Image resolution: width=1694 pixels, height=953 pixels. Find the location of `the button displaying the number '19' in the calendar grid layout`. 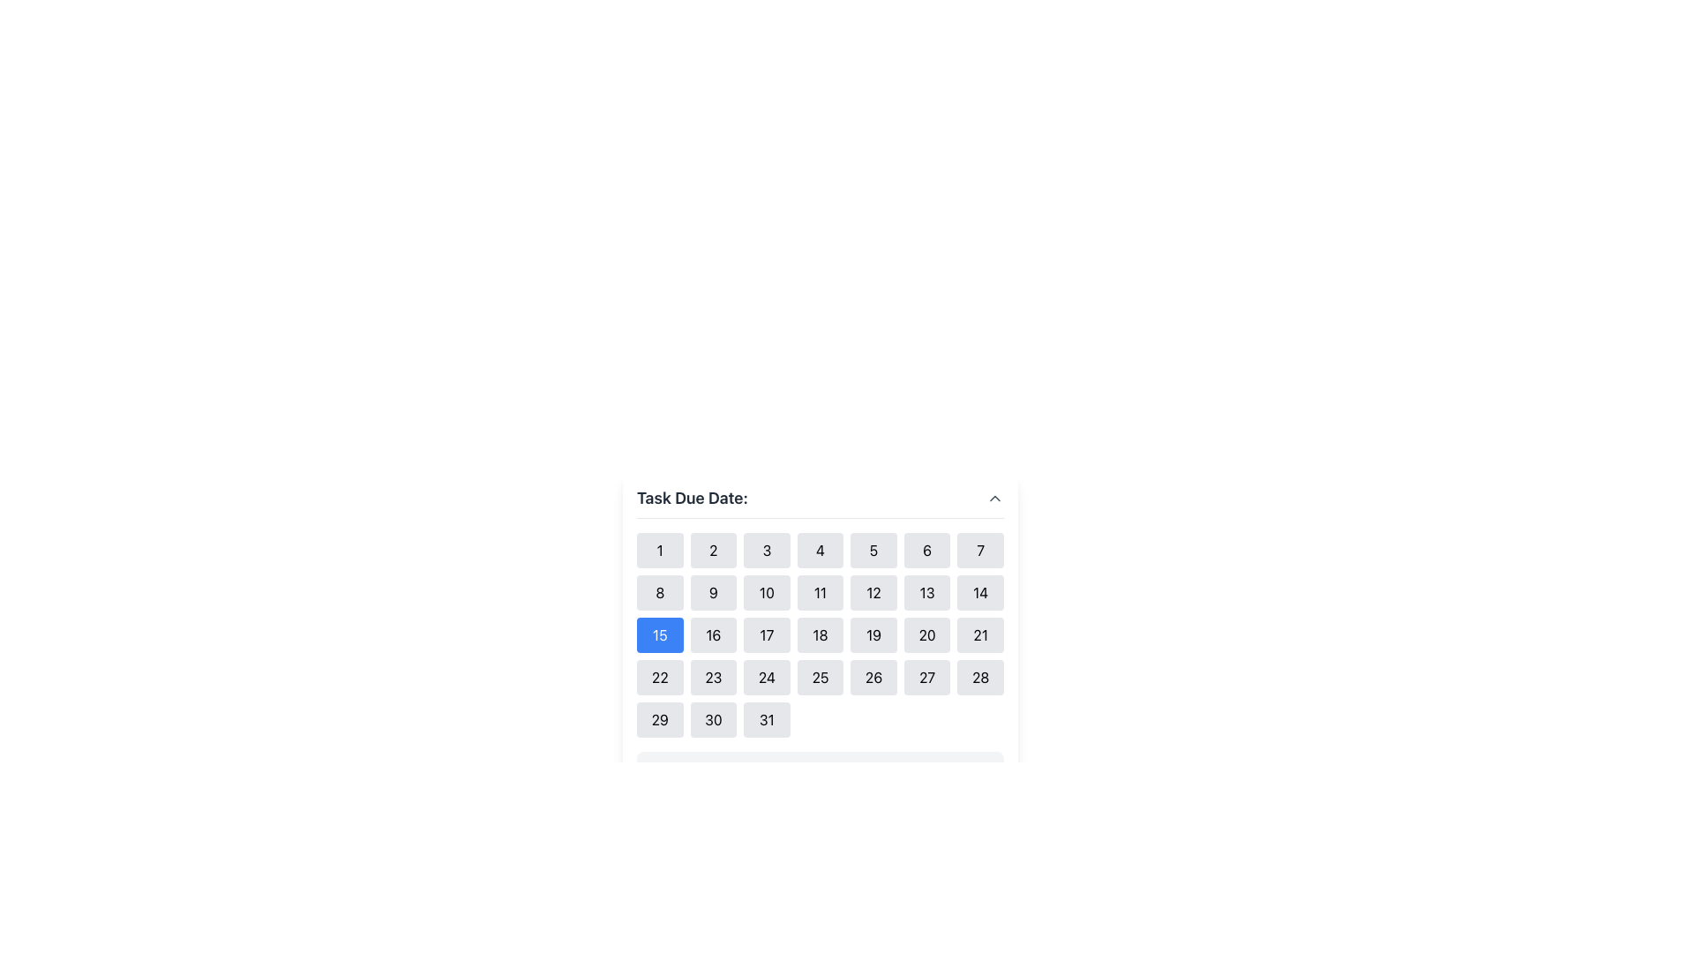

the button displaying the number '19' in the calendar grid layout is located at coordinates (873, 635).